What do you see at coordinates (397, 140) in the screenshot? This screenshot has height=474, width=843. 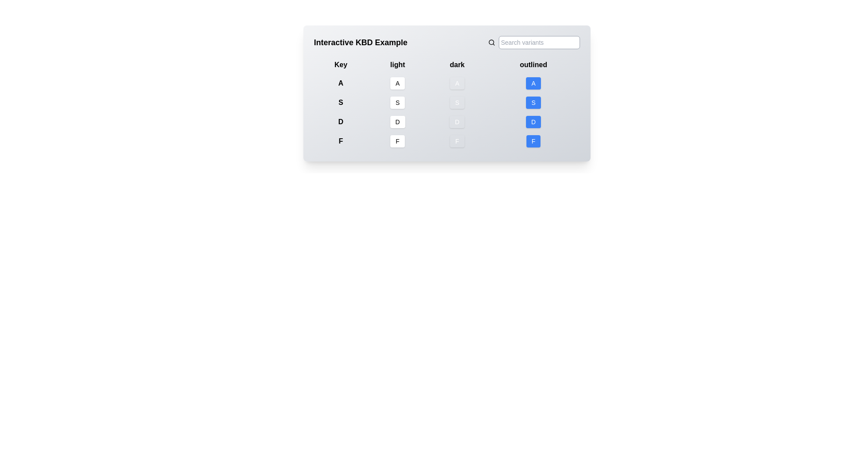 I see `the button labeled 'F' located in the fourth row and second column of the grid, which is part of an interactive keyboard mapping demonstration` at bounding box center [397, 140].